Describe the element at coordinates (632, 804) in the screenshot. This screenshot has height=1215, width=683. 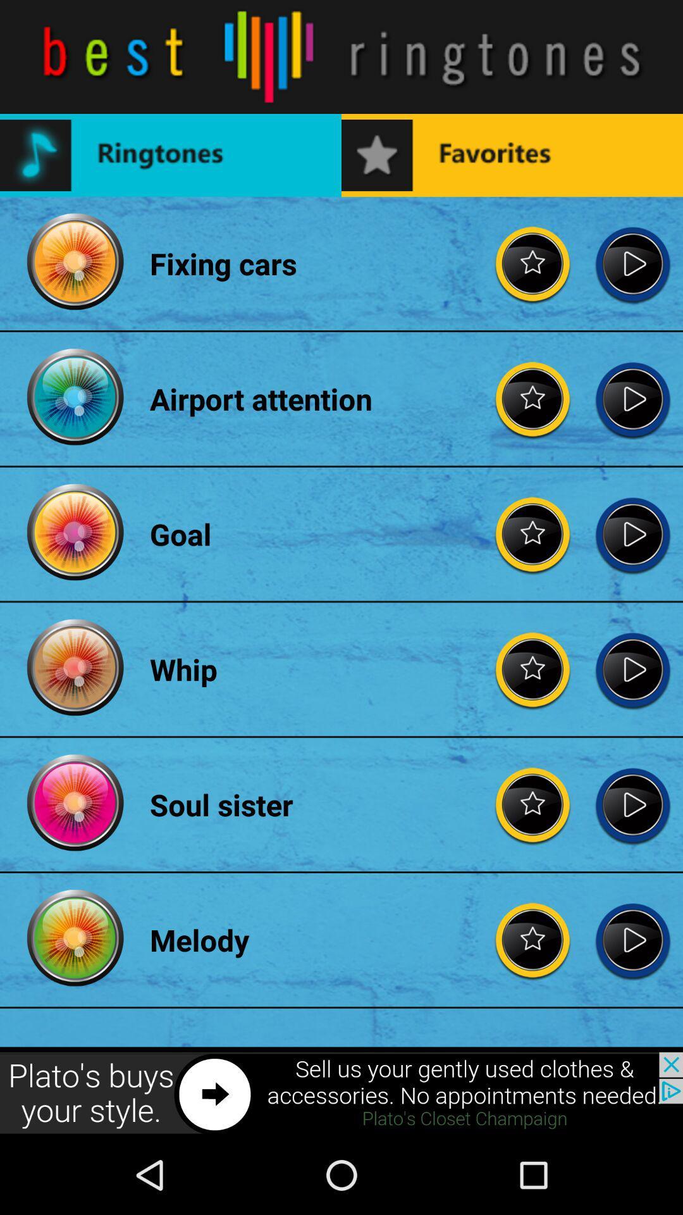
I see `icon` at that location.